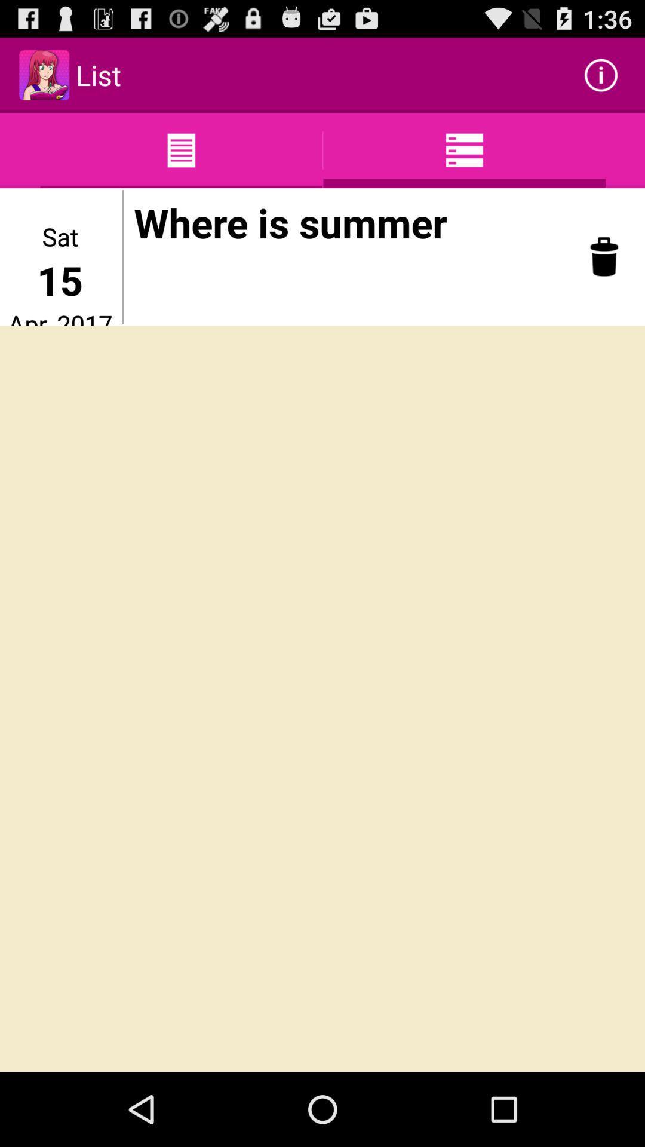 The image size is (645, 1147). What do you see at coordinates (60, 316) in the screenshot?
I see `item below the 15` at bounding box center [60, 316].